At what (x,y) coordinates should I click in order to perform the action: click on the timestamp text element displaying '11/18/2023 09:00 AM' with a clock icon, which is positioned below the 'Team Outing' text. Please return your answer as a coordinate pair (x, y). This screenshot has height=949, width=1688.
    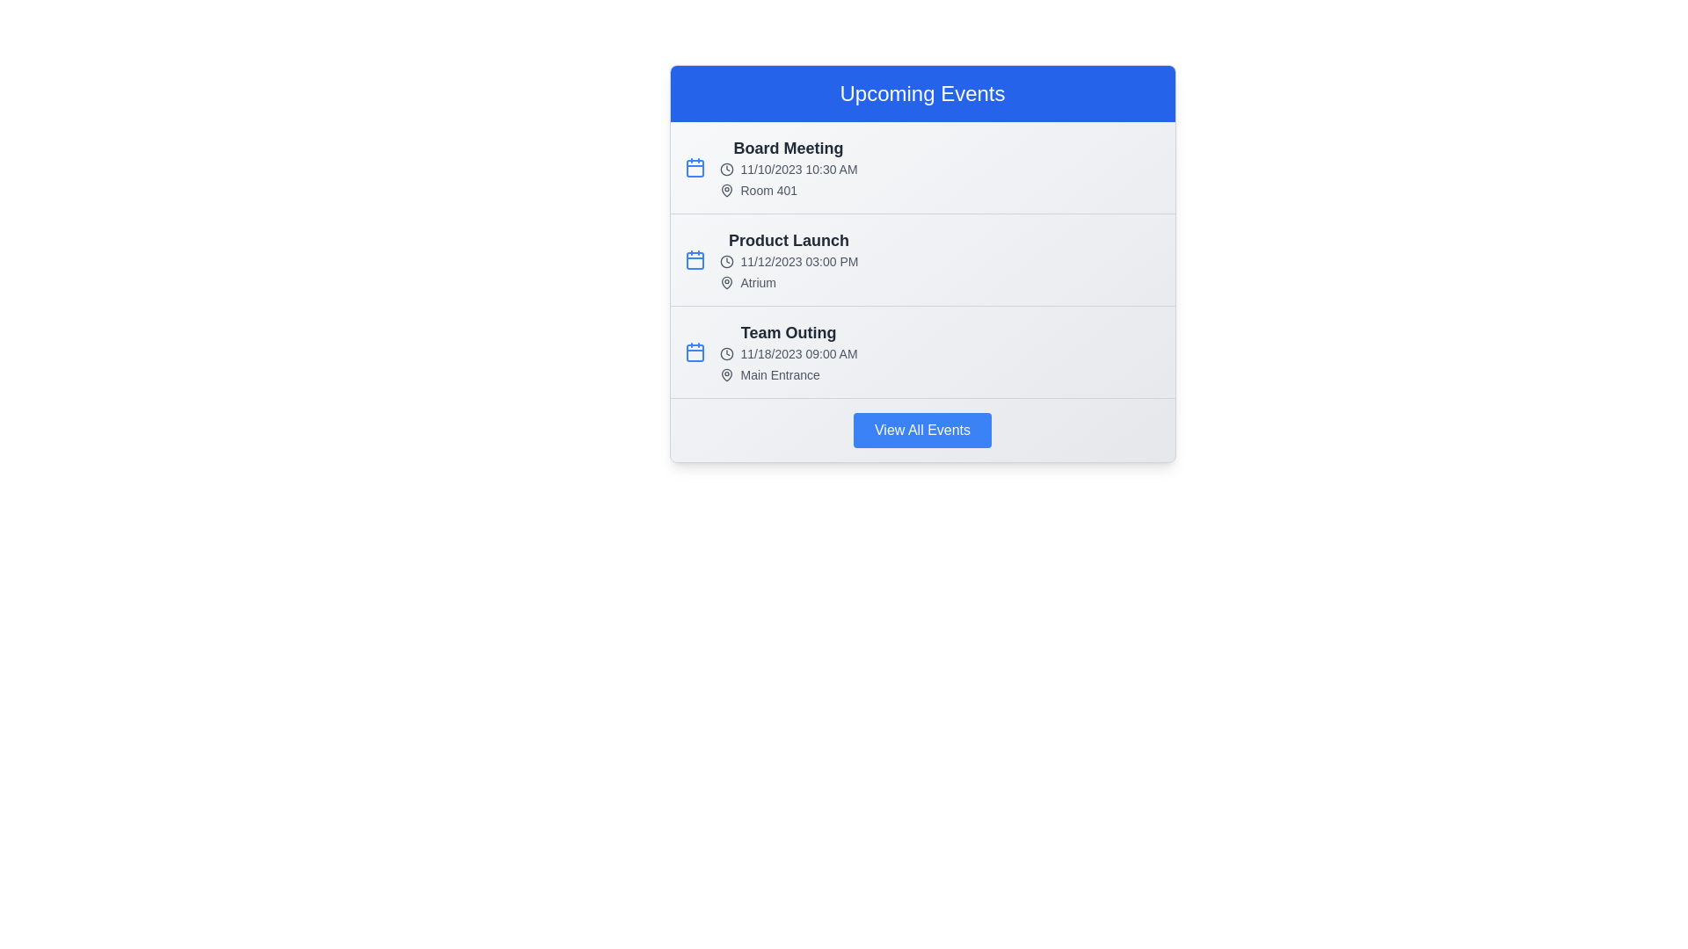
    Looking at the image, I should click on (788, 353).